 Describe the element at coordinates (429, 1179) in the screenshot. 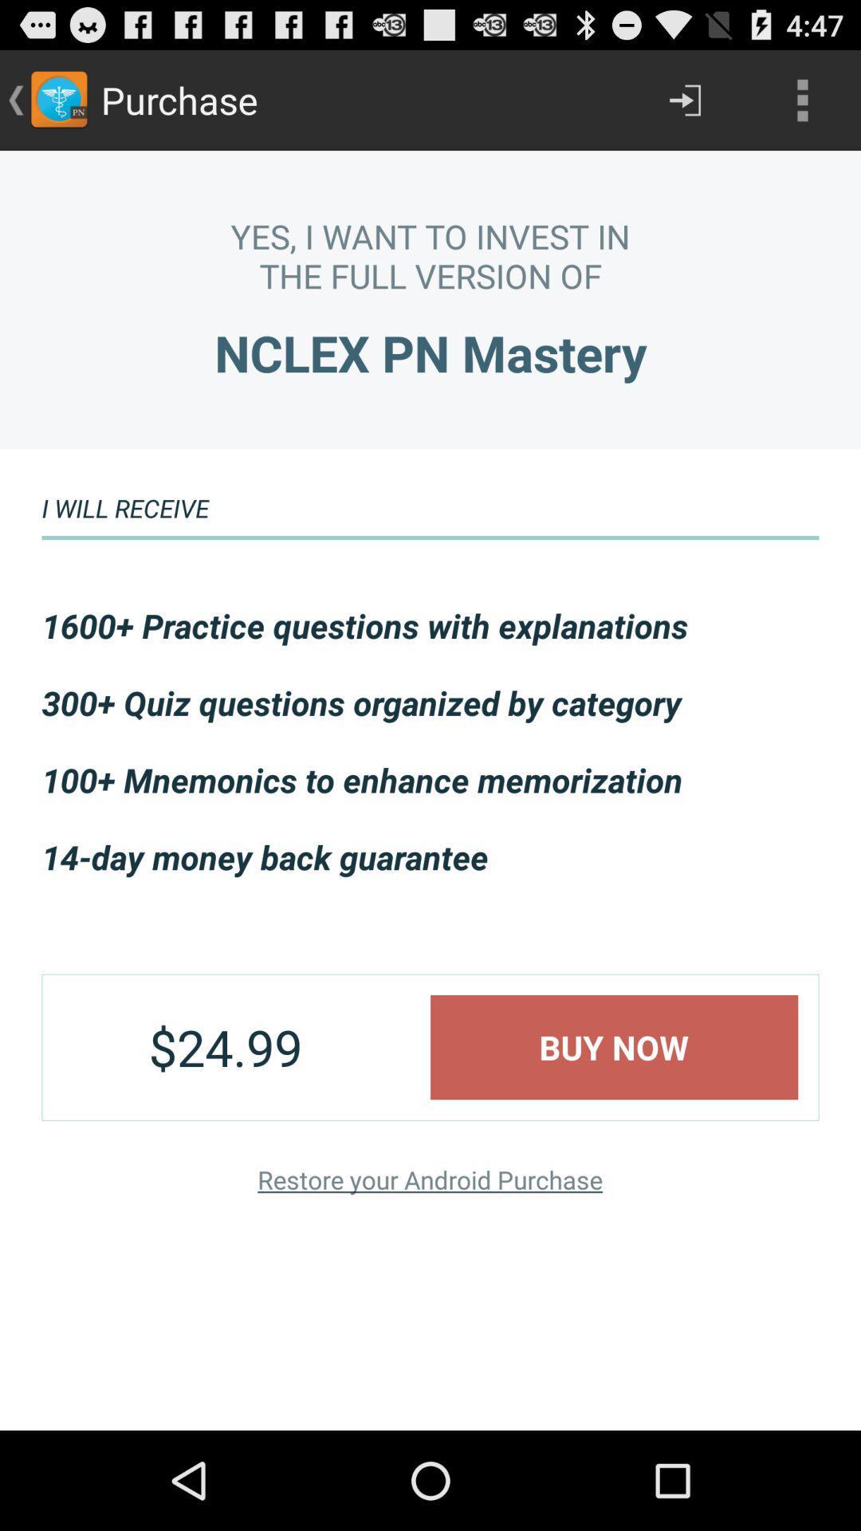

I see `icon at the bottom` at that location.